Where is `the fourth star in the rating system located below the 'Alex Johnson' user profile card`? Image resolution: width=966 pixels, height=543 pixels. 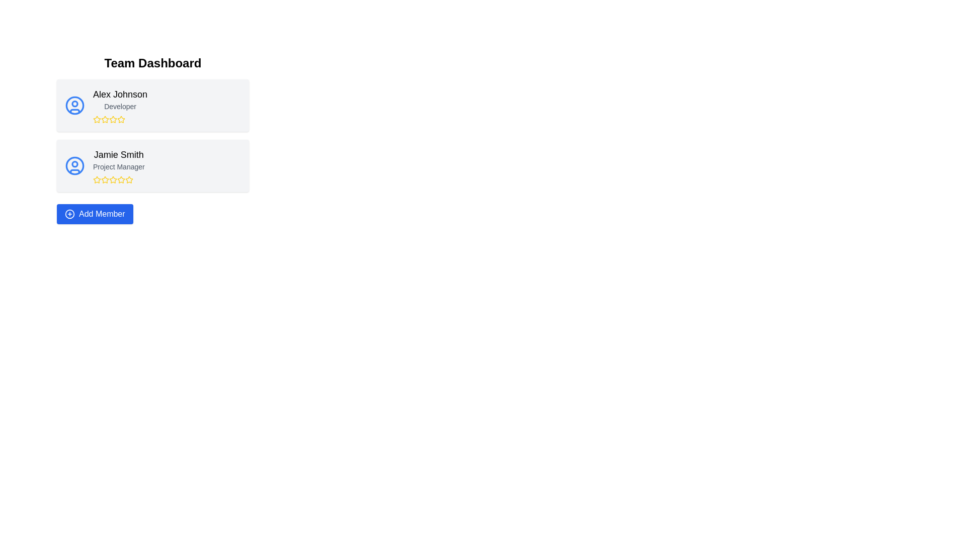 the fourth star in the rating system located below the 'Alex Johnson' user profile card is located at coordinates (120, 119).